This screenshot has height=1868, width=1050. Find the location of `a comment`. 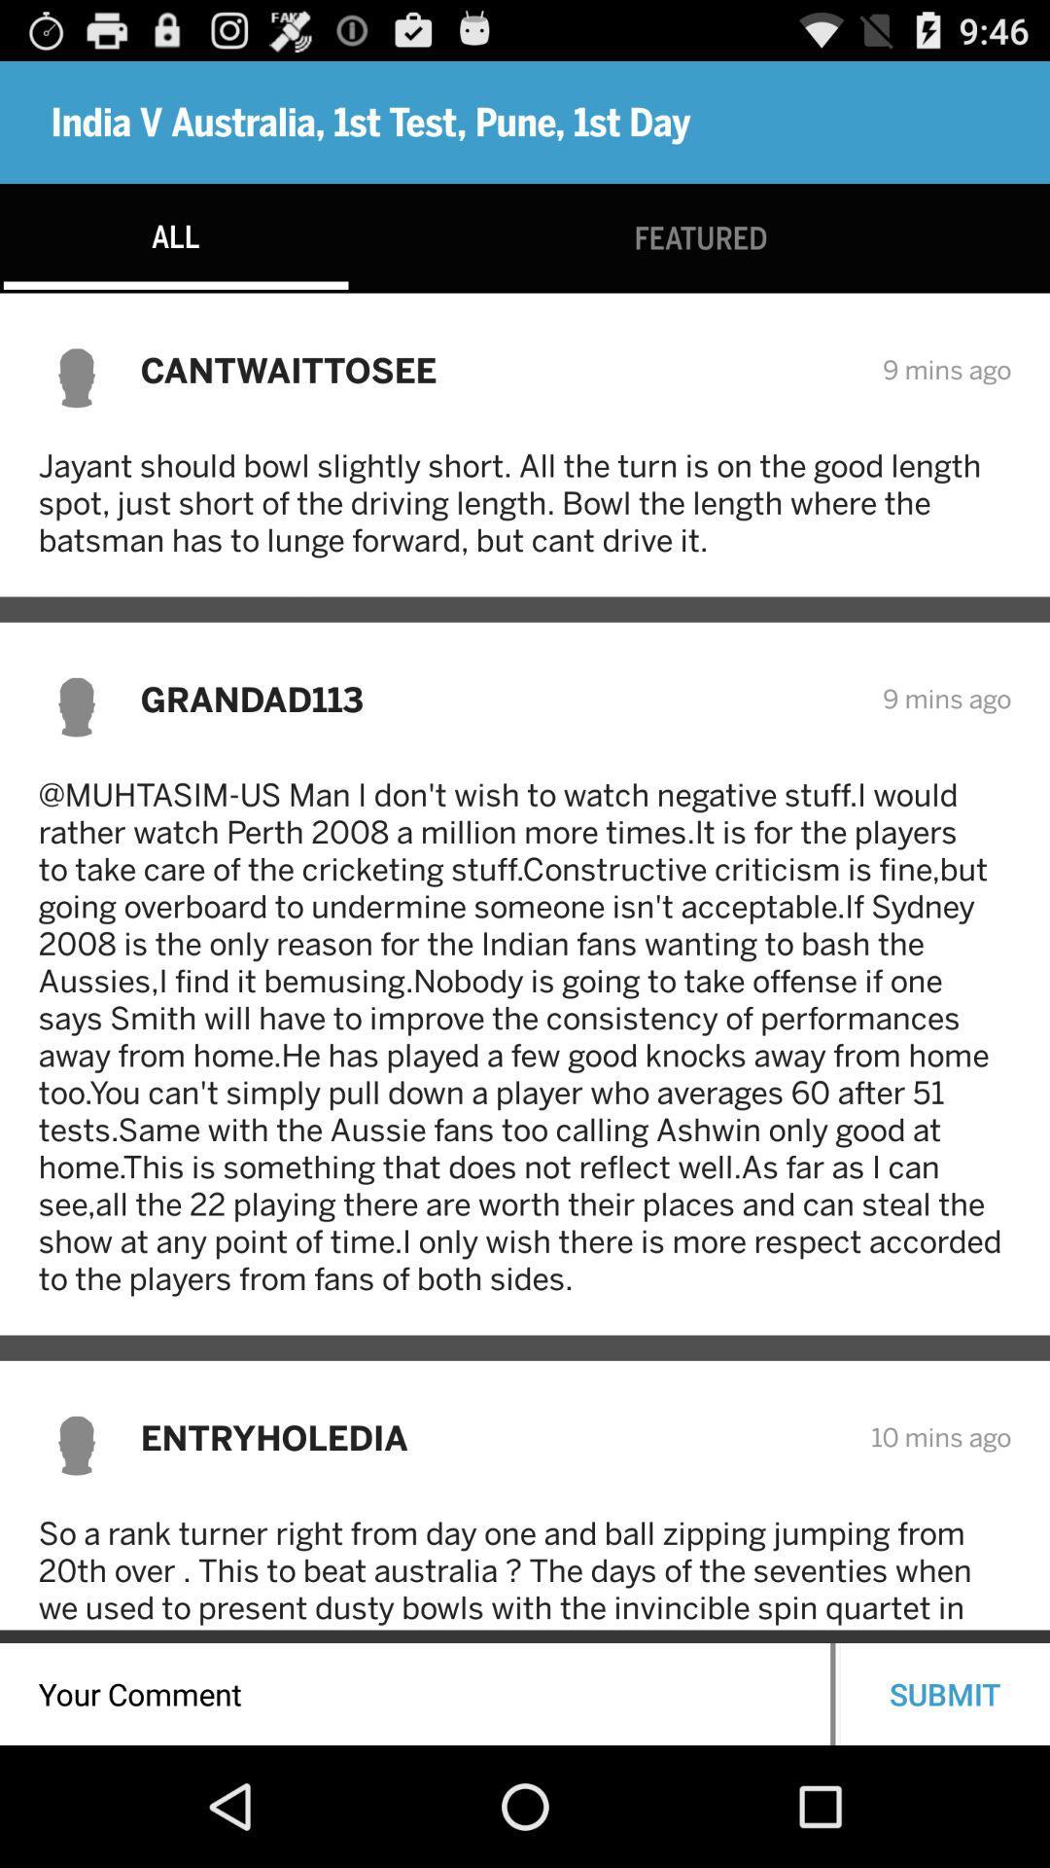

a comment is located at coordinates (414, 1693).